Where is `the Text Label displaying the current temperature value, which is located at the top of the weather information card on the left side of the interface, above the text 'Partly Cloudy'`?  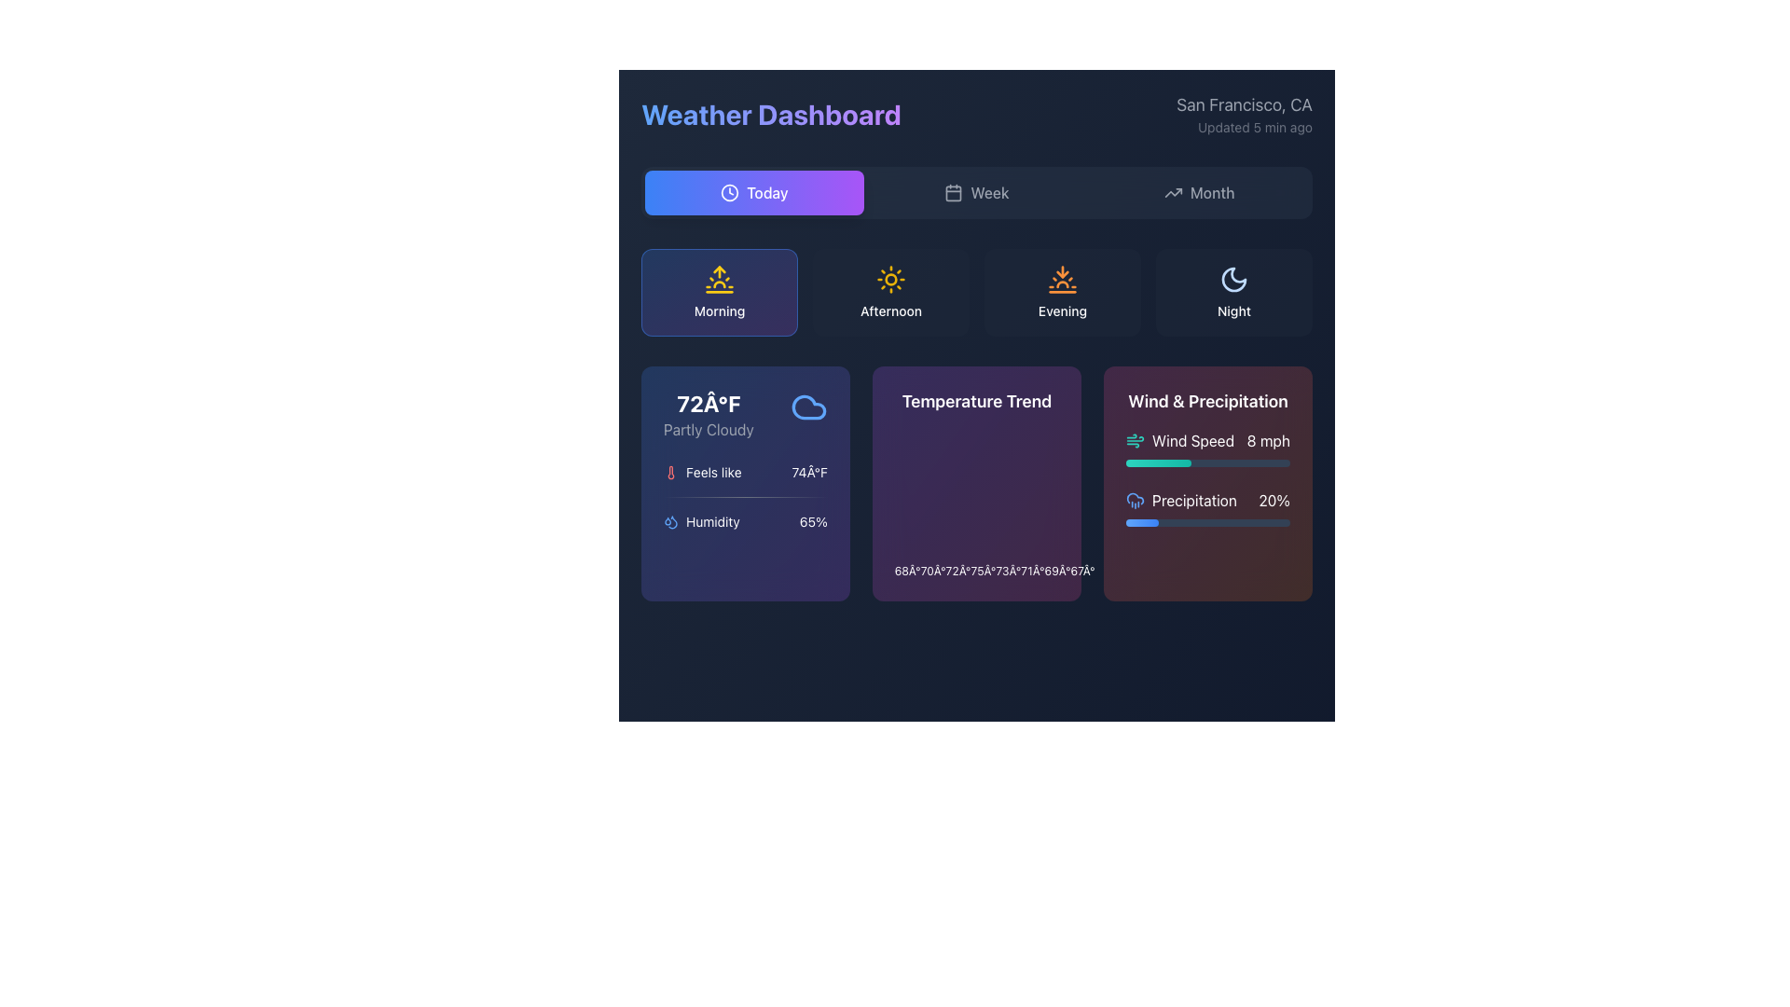 the Text Label displaying the current temperature value, which is located at the top of the weather information card on the left side of the interface, above the text 'Partly Cloudy' is located at coordinates (708, 402).